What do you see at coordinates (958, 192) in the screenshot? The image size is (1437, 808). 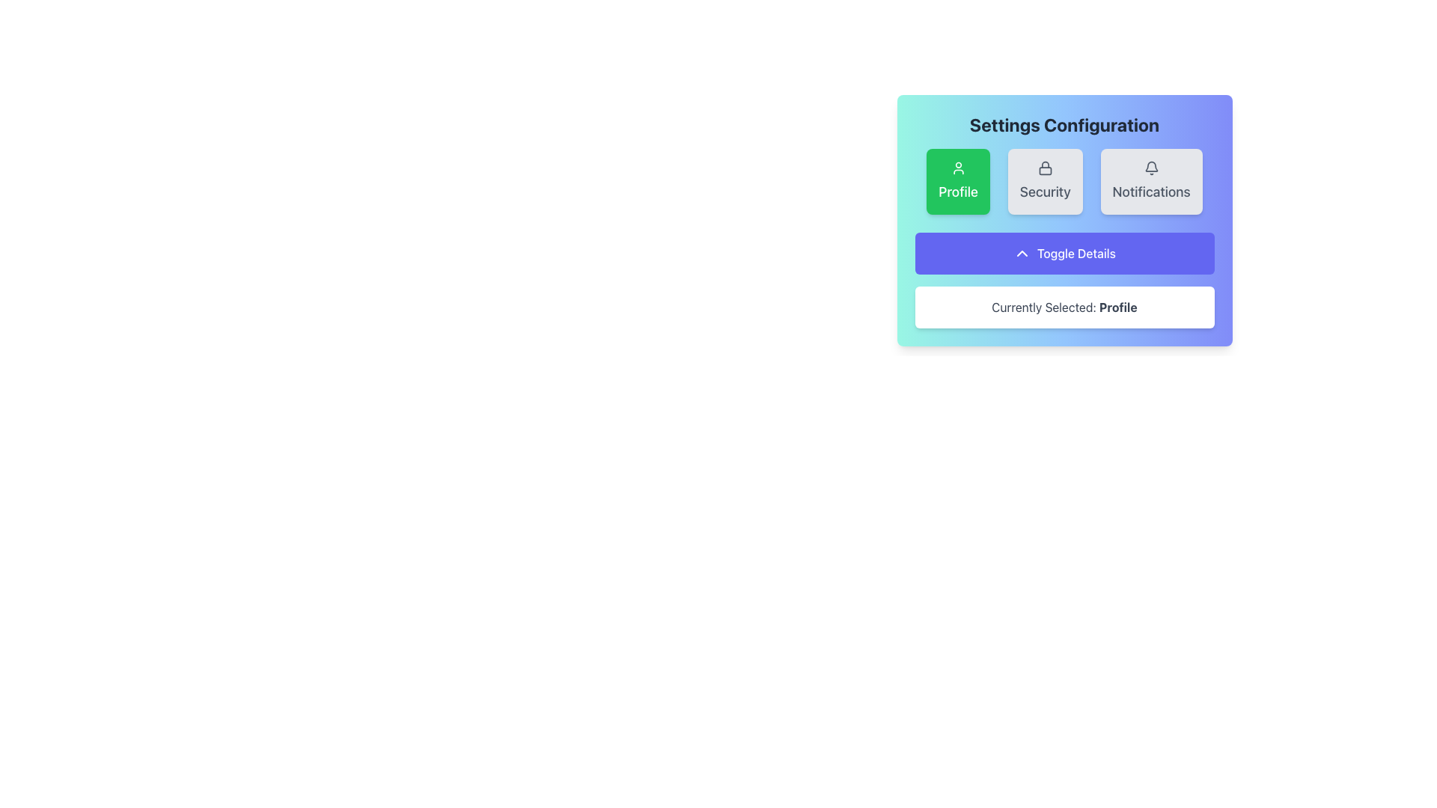 I see `the 'Profile' text label located at the bottom-center of the green button in the configuration menu` at bounding box center [958, 192].